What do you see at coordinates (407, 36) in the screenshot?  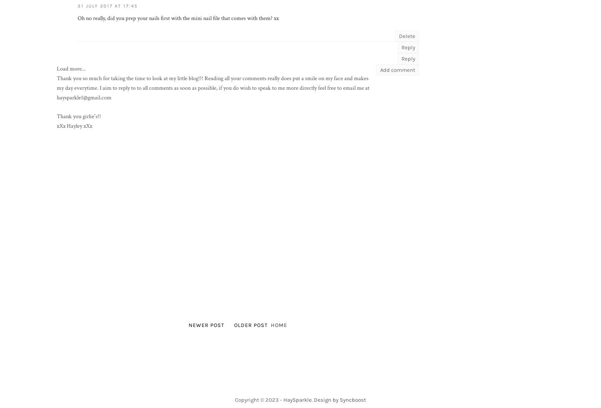 I see `'Delete'` at bounding box center [407, 36].